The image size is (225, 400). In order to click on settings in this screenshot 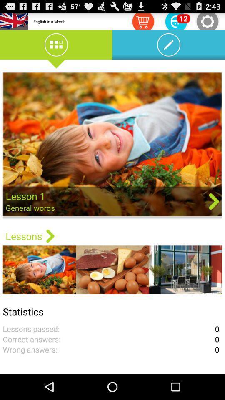, I will do `click(207, 21)`.